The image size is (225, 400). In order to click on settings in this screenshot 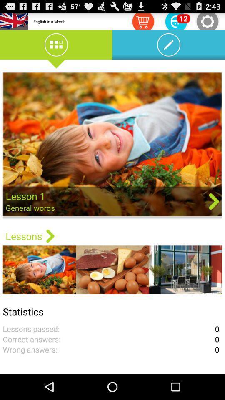, I will do `click(207, 21)`.